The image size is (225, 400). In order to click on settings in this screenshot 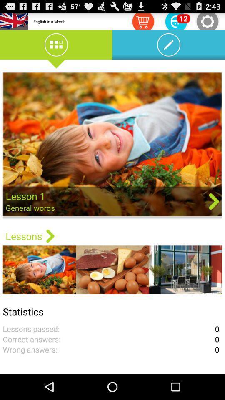, I will do `click(207, 21)`.